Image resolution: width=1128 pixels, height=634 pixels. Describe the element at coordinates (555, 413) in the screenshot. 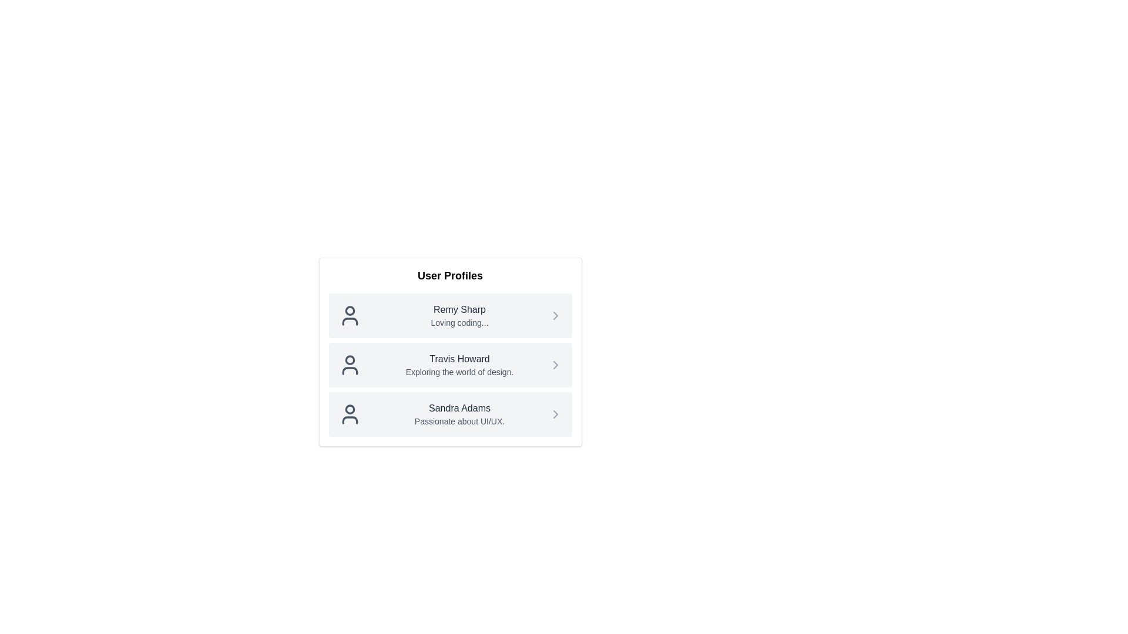

I see `the navigation icon located on the rightmost side of the profile labeled 'Sandra Adams Passionate about UI/UX'` at that location.